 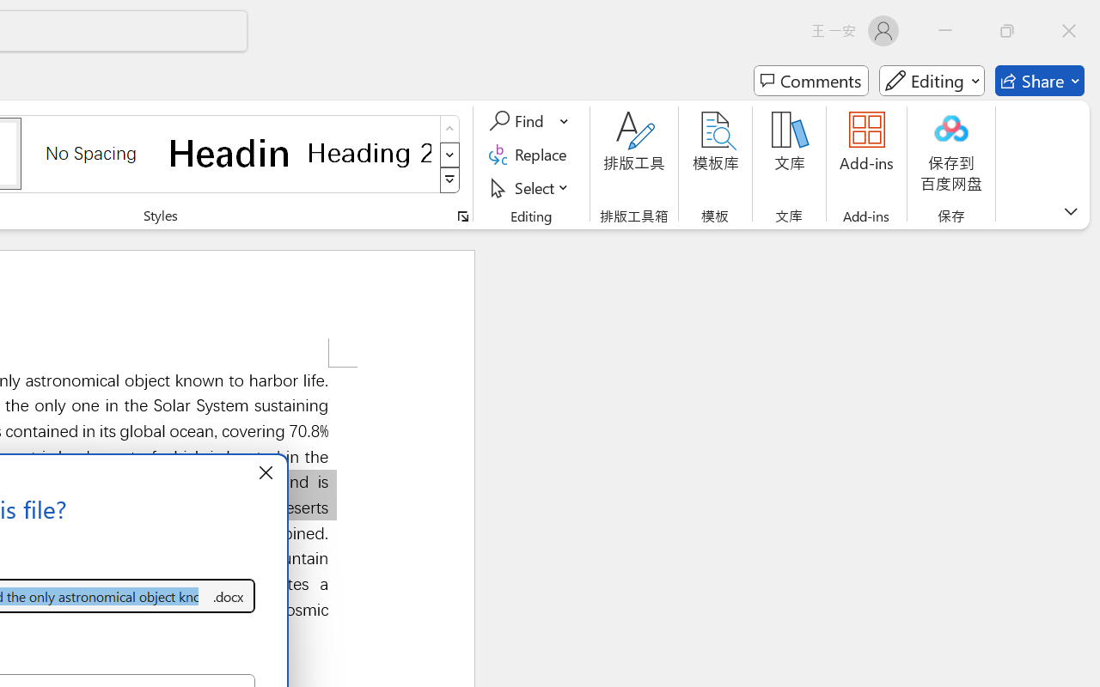 I want to click on 'Row Down', so click(x=449, y=154).